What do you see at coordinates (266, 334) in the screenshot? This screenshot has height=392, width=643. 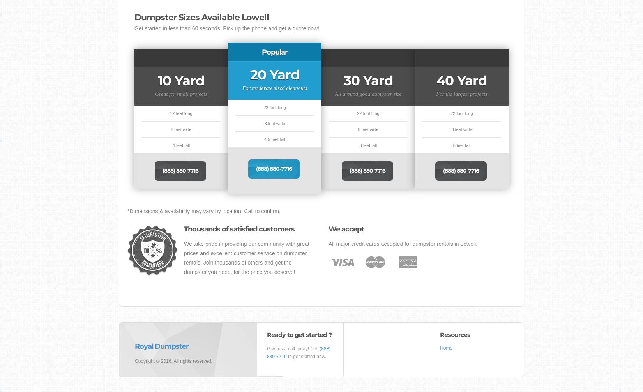 I see `'Ready to get started ?'` at bounding box center [266, 334].